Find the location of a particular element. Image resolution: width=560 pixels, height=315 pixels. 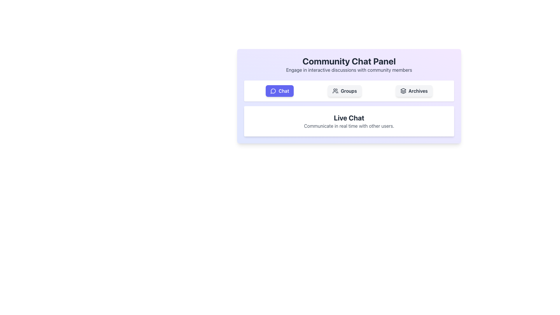

the text content of the descriptive title and subtitle in the text block that indicates the purpose of the community chat platform, located above the 'Chat', 'Groups', and 'Archives' sections is located at coordinates (349, 65).